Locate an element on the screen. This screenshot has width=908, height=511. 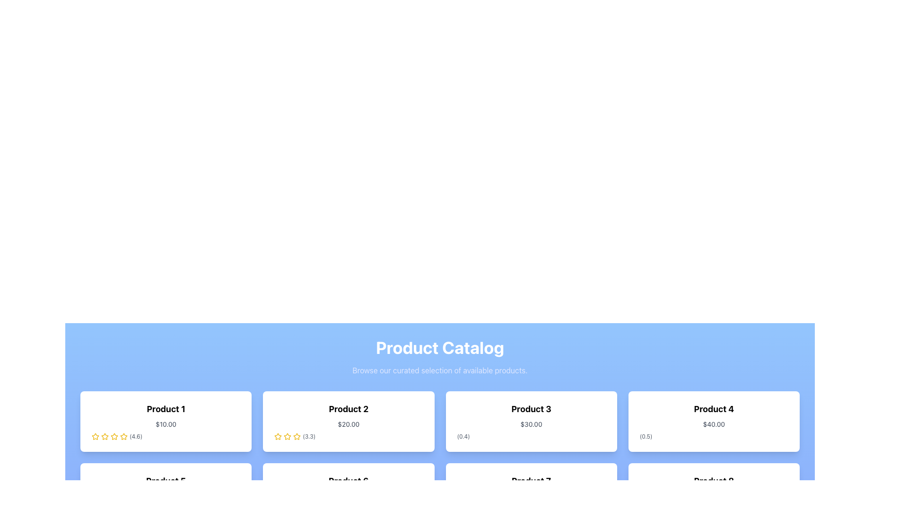
the fourth hollow star-shaped SVG icon with a yellow outline in the product rating of 'Product 2' is located at coordinates (297, 436).